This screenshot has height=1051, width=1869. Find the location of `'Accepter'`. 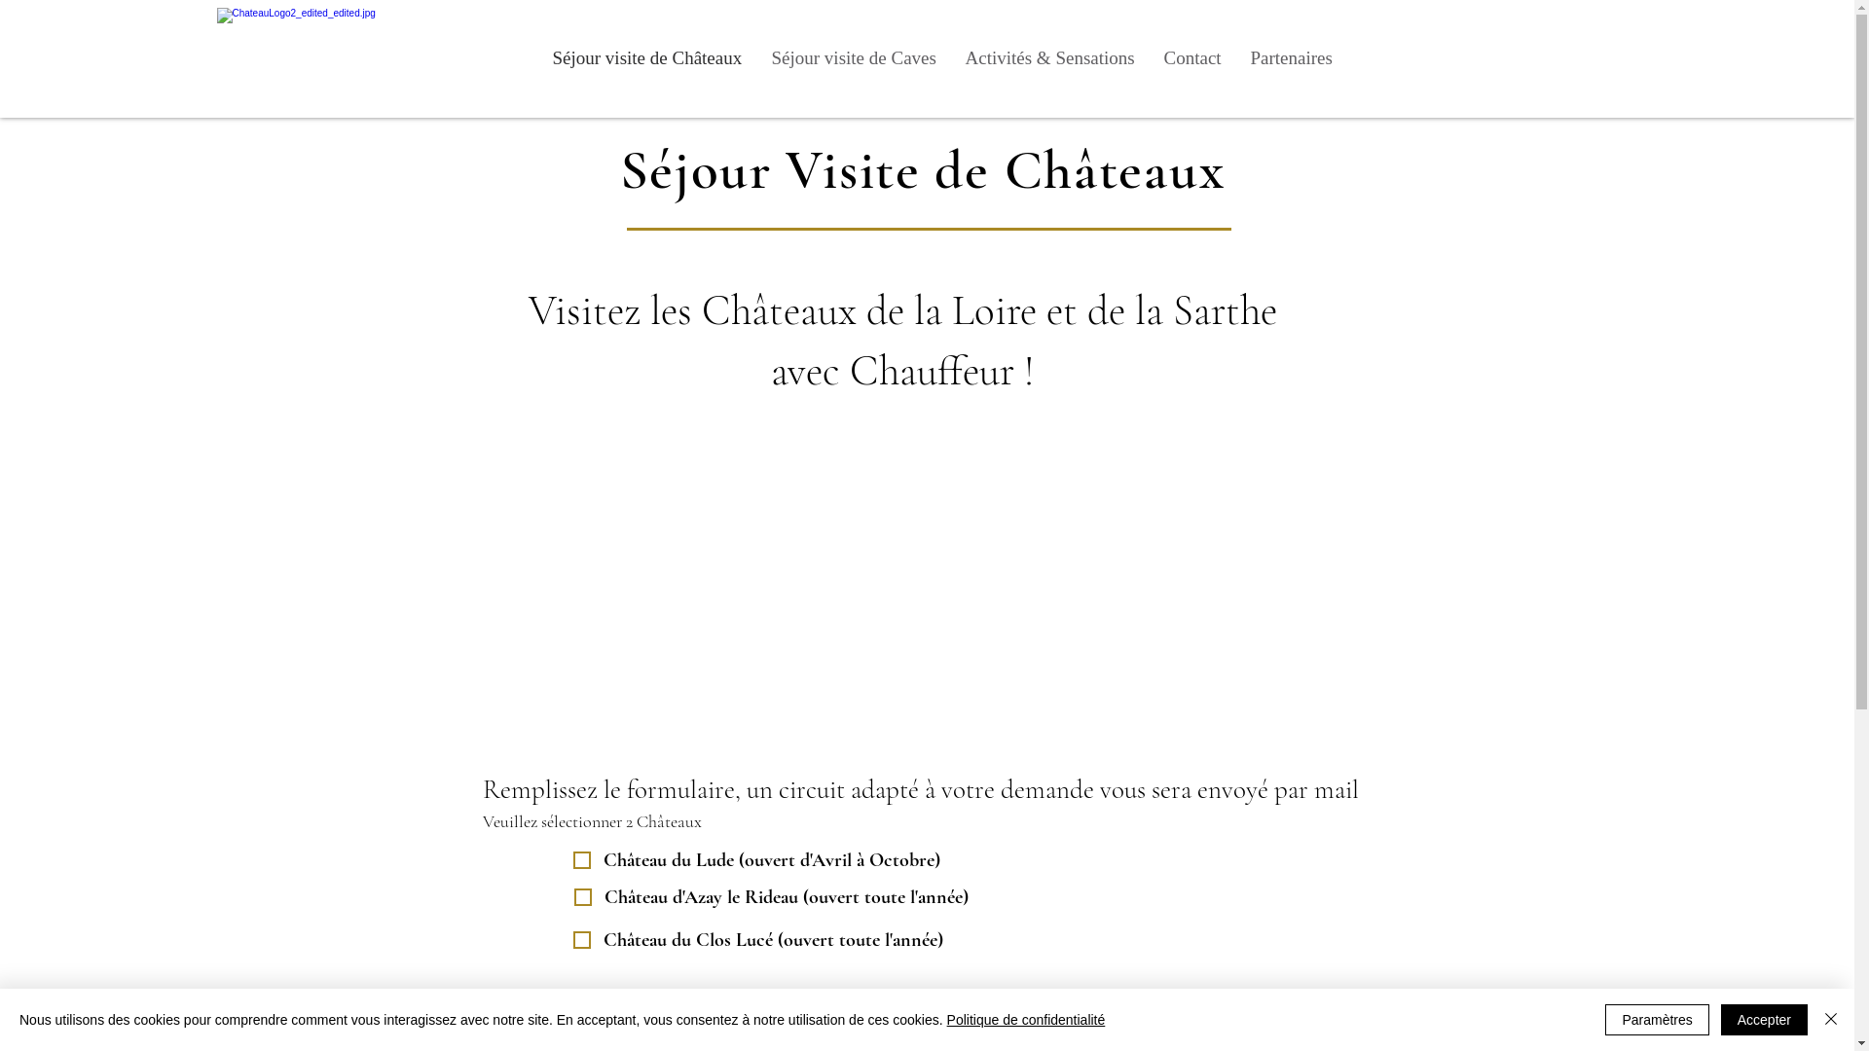

'Accepter' is located at coordinates (1764, 1019).